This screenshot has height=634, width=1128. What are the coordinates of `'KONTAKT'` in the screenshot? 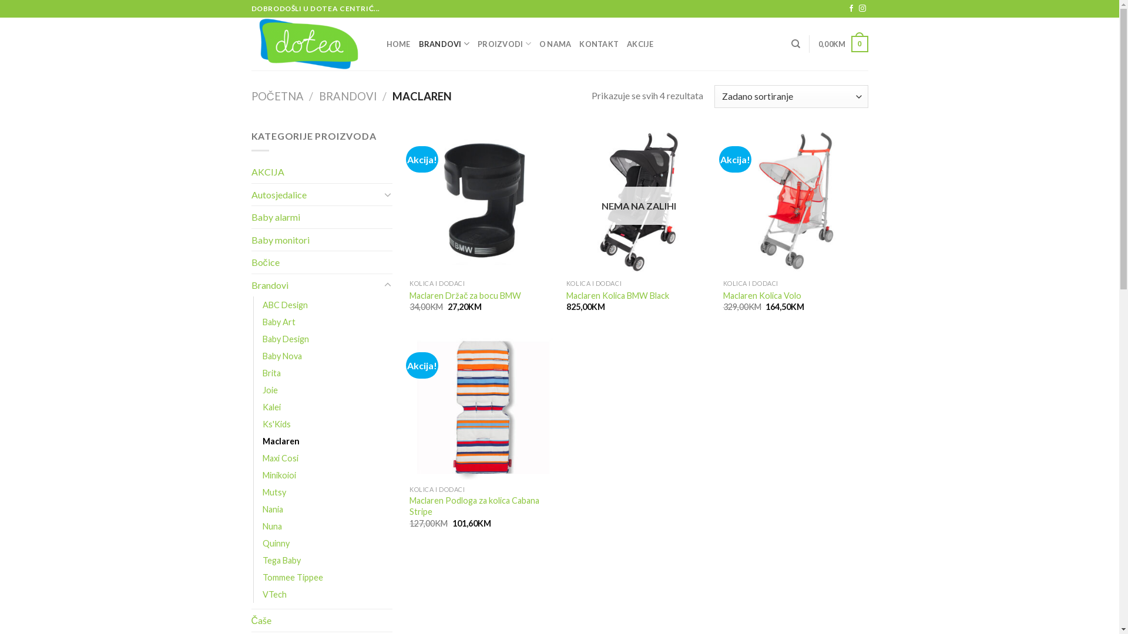 It's located at (599, 43).